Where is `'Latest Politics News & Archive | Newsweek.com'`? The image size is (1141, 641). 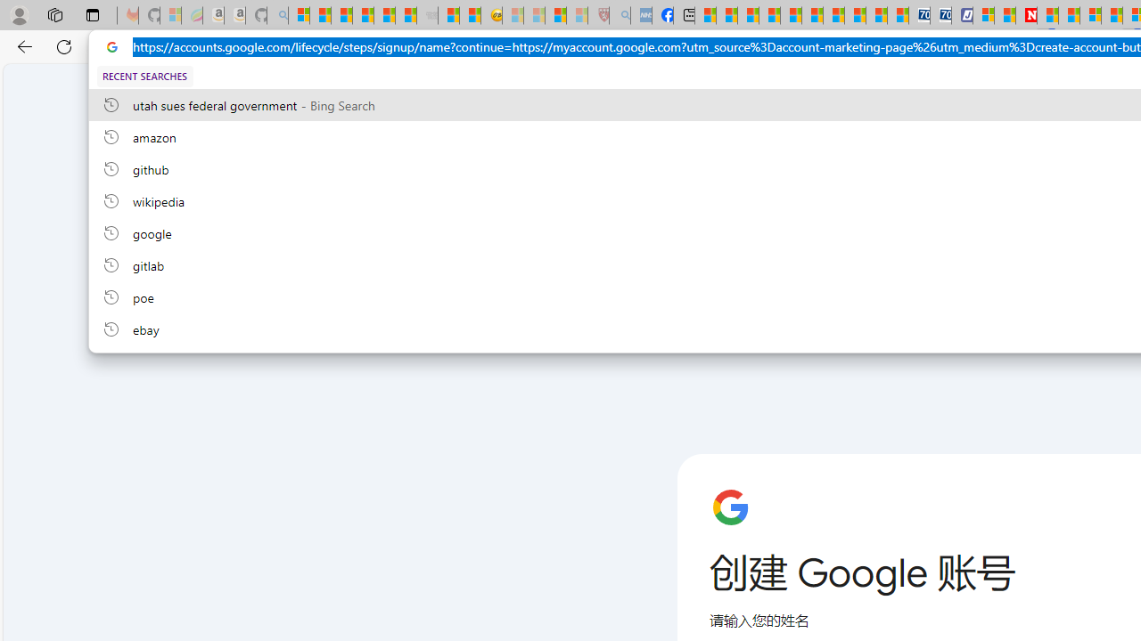 'Latest Politics News & Archive | Newsweek.com' is located at coordinates (1027, 15).